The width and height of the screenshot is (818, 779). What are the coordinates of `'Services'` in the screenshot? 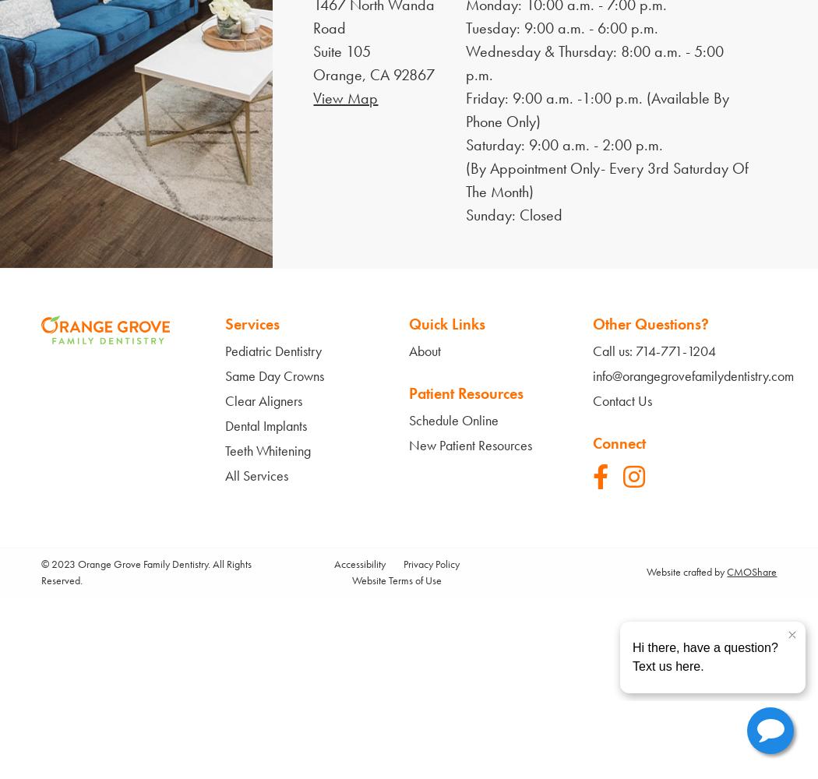 It's located at (224, 323).